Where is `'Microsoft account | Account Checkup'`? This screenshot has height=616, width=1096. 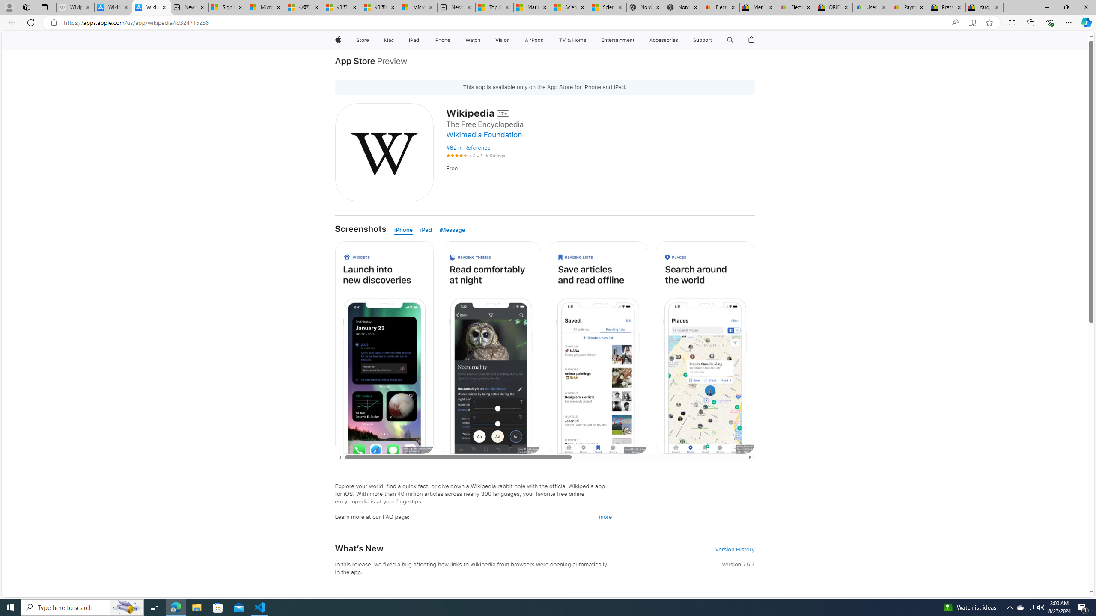 'Microsoft account | Account Checkup' is located at coordinates (417, 7).